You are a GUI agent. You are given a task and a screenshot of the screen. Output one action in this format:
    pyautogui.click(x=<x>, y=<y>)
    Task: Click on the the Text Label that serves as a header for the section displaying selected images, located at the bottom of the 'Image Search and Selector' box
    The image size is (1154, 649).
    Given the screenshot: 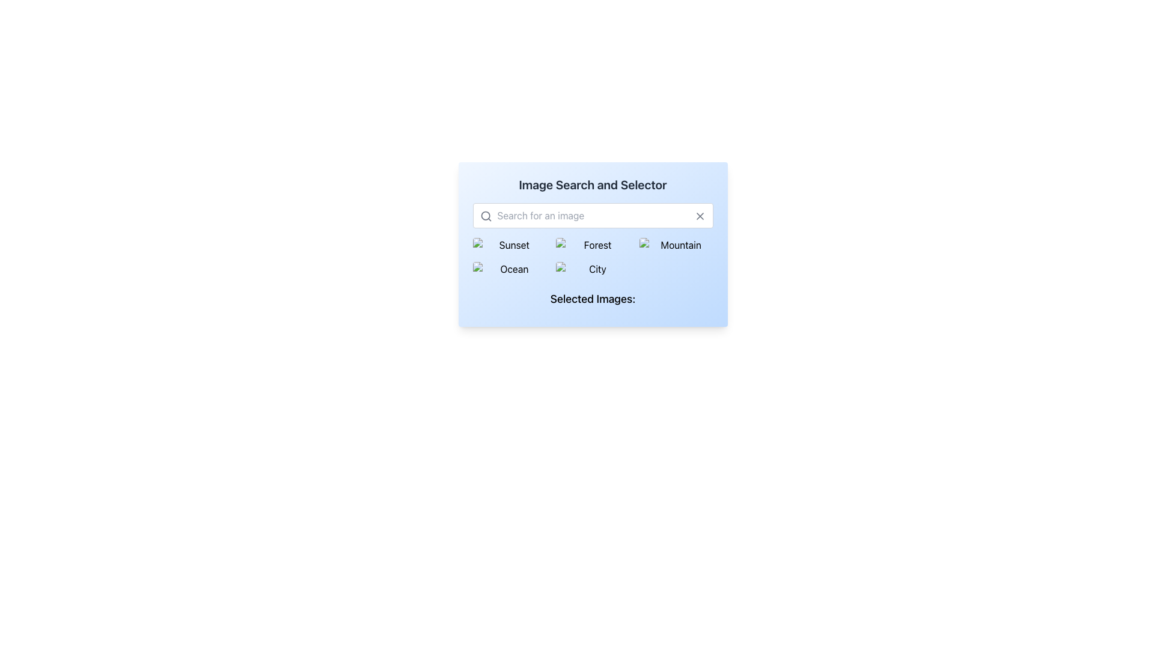 What is the action you would take?
    pyautogui.click(x=593, y=298)
    